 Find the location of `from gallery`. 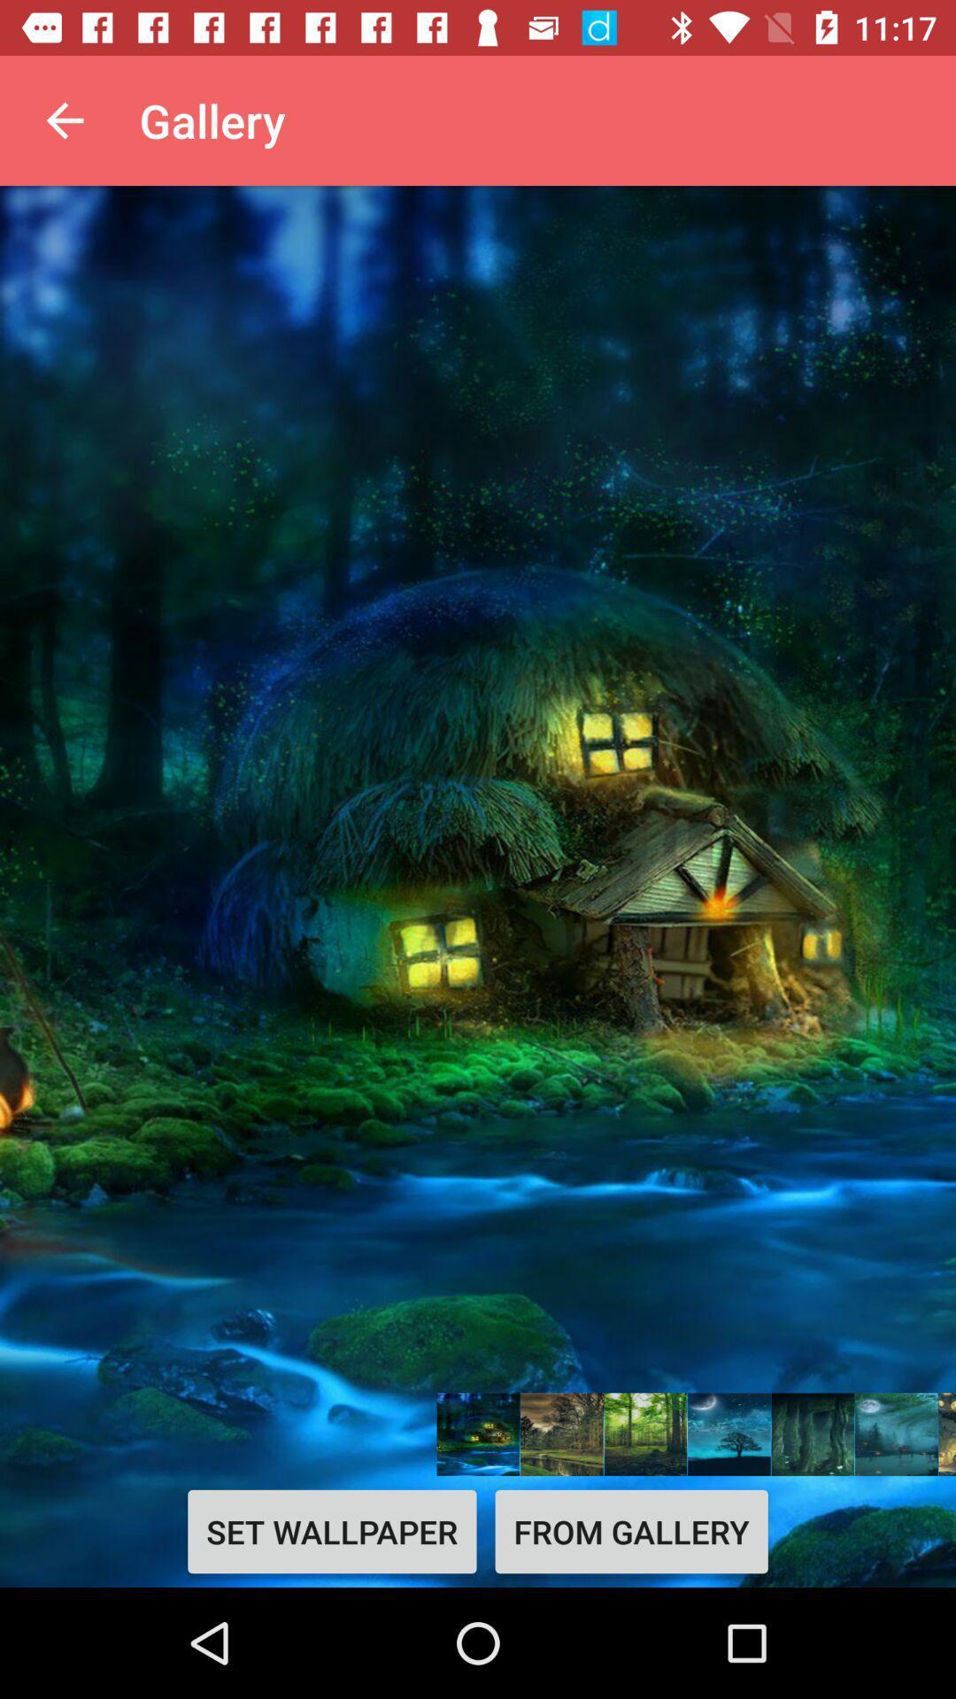

from gallery is located at coordinates (630, 1531).